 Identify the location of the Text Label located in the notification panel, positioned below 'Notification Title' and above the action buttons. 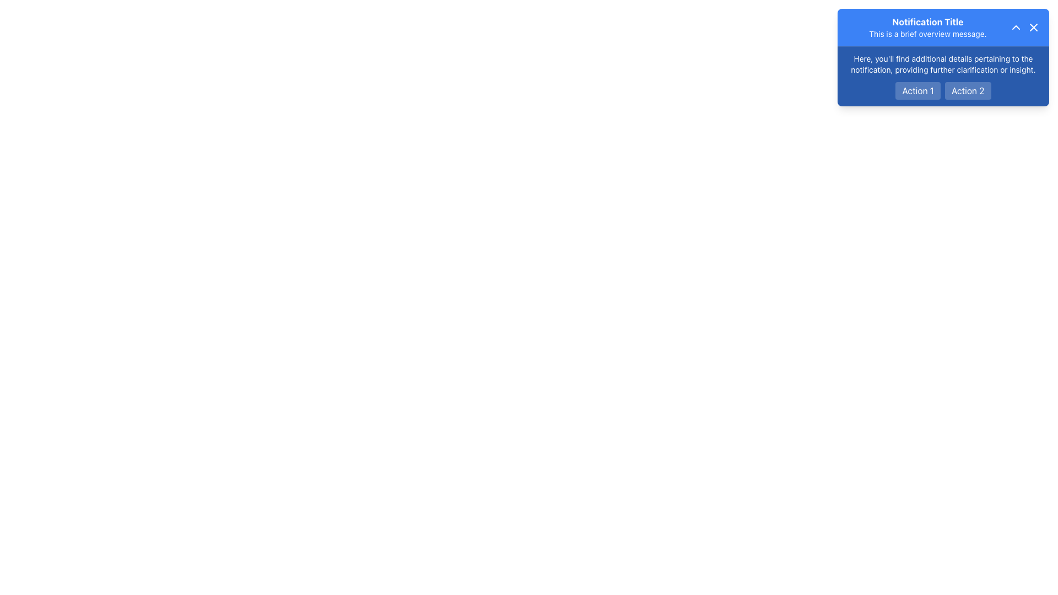
(927, 33).